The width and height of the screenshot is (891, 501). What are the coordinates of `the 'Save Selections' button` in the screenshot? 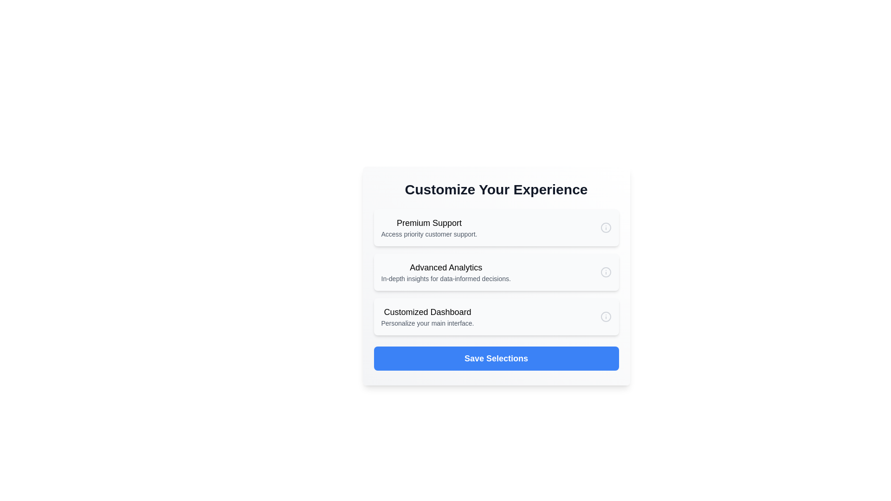 It's located at (496, 358).